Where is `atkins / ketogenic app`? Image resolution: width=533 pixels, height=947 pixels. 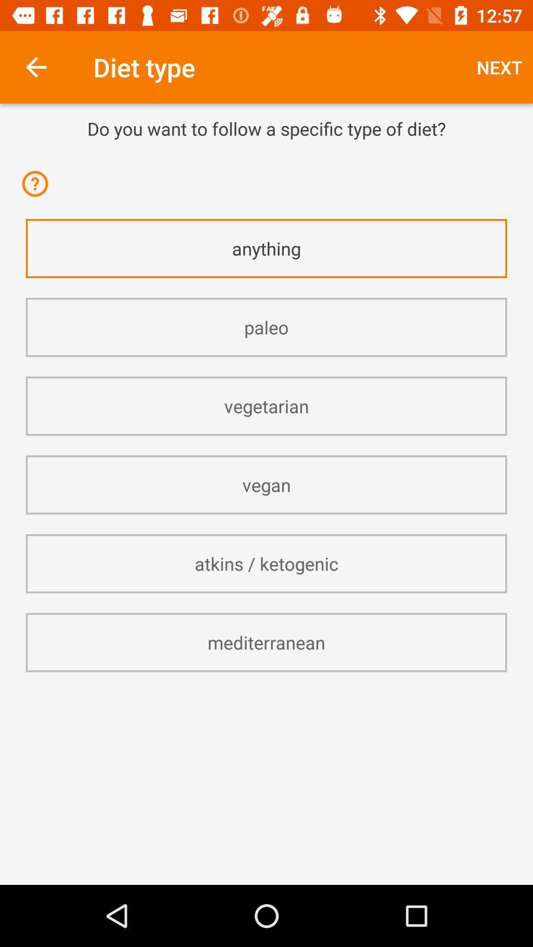
atkins / ketogenic app is located at coordinates (266, 563).